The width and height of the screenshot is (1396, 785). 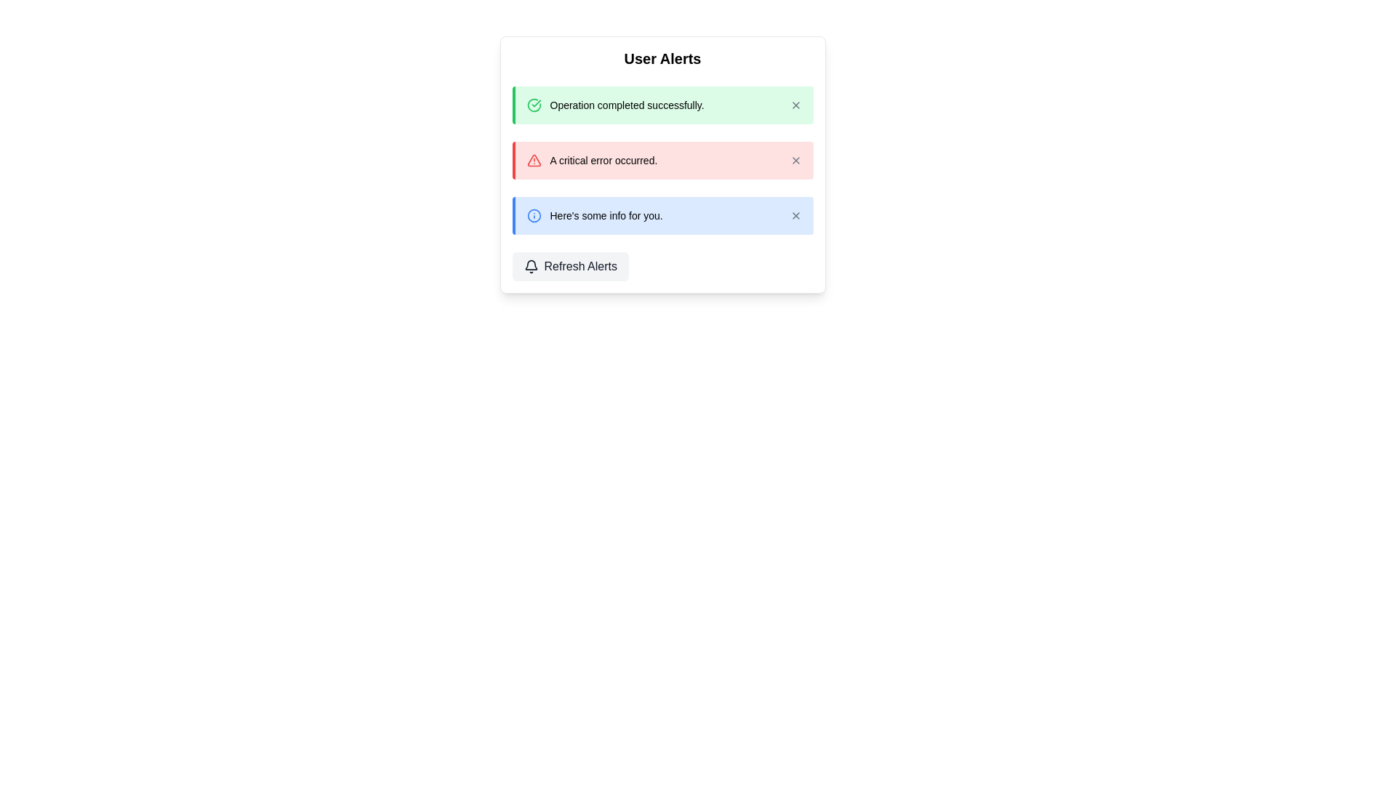 I want to click on text content of the 'User Alerts' label, which is a bold, large-font text component styled in black and located at the top of a card layout, so click(x=662, y=58).